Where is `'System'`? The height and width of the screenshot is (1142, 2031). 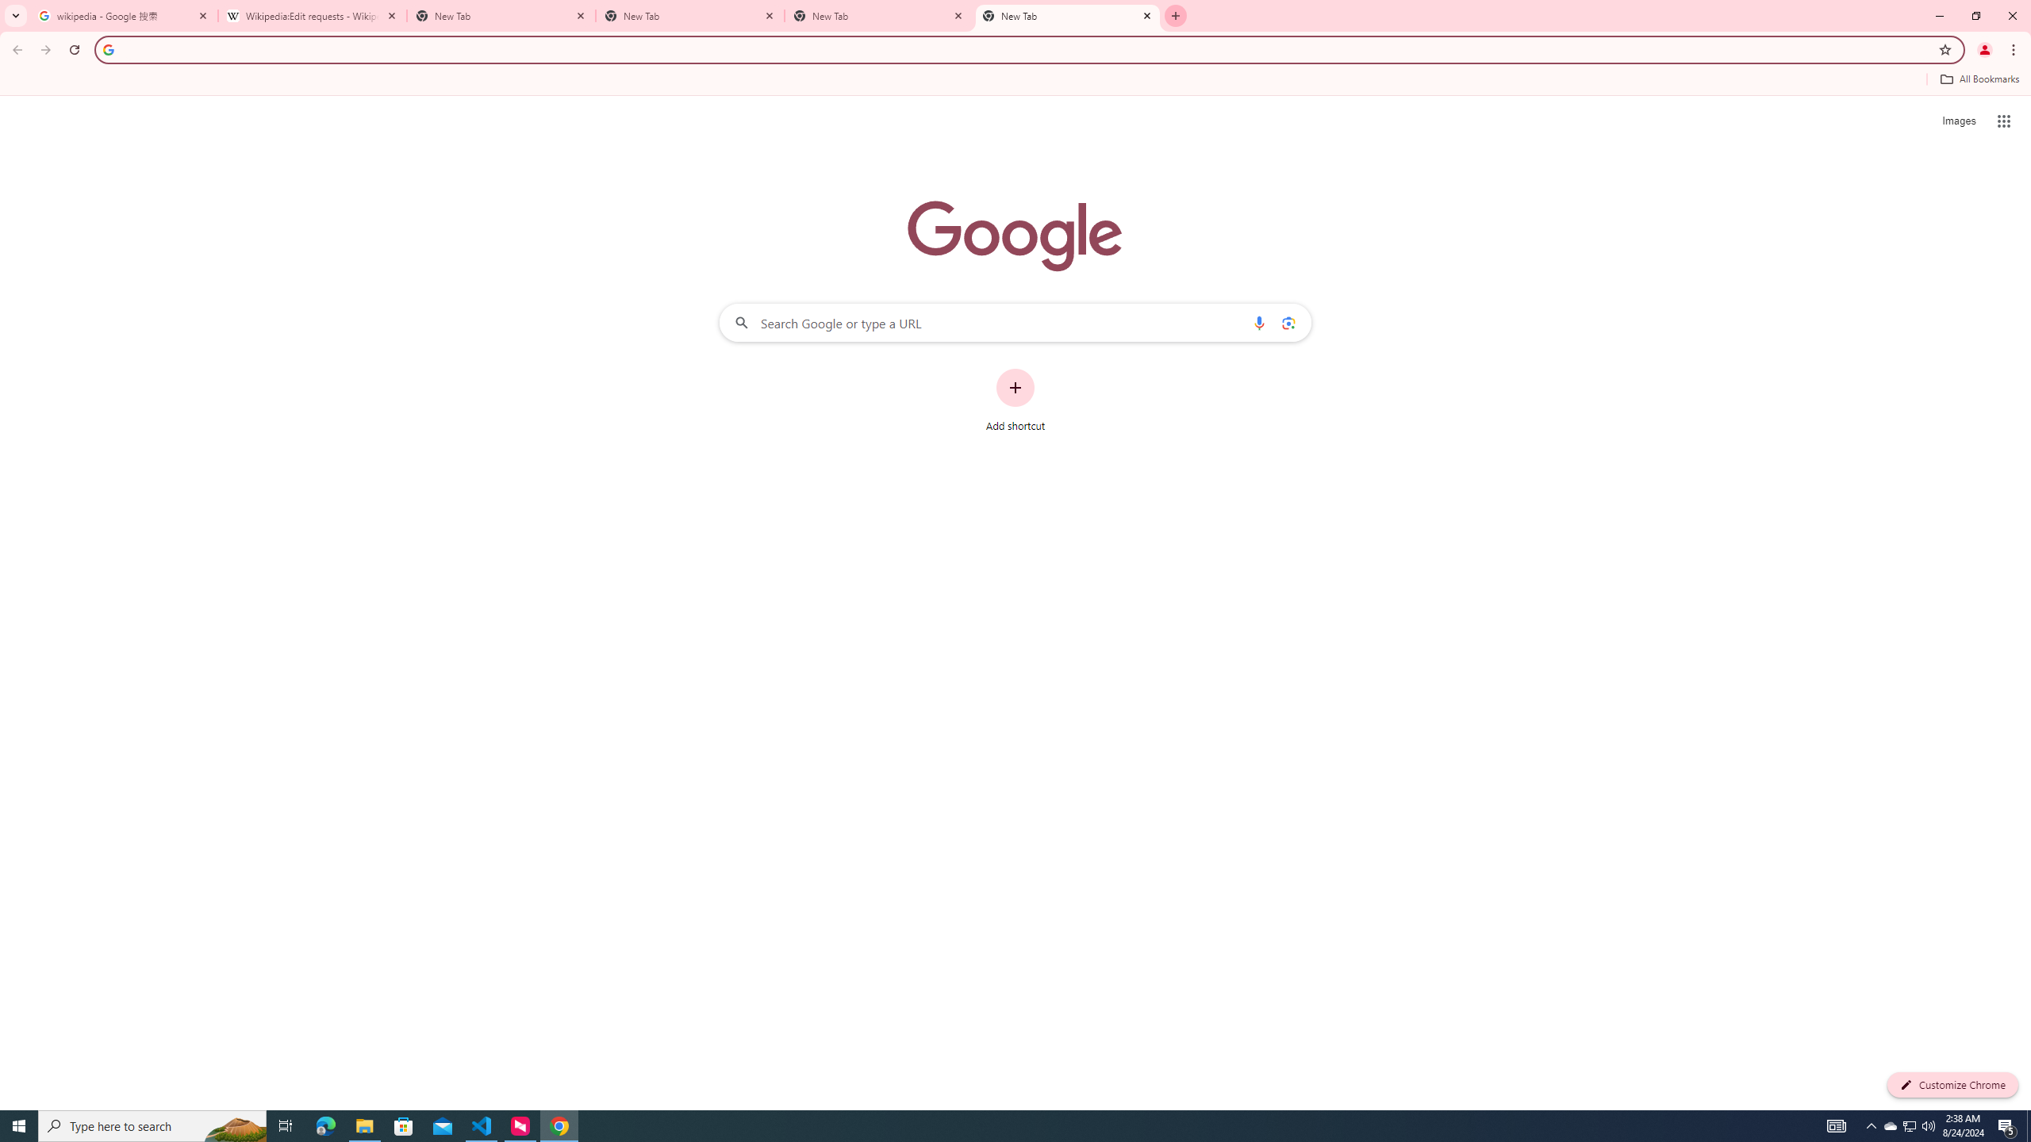 'System' is located at coordinates (9, 7).